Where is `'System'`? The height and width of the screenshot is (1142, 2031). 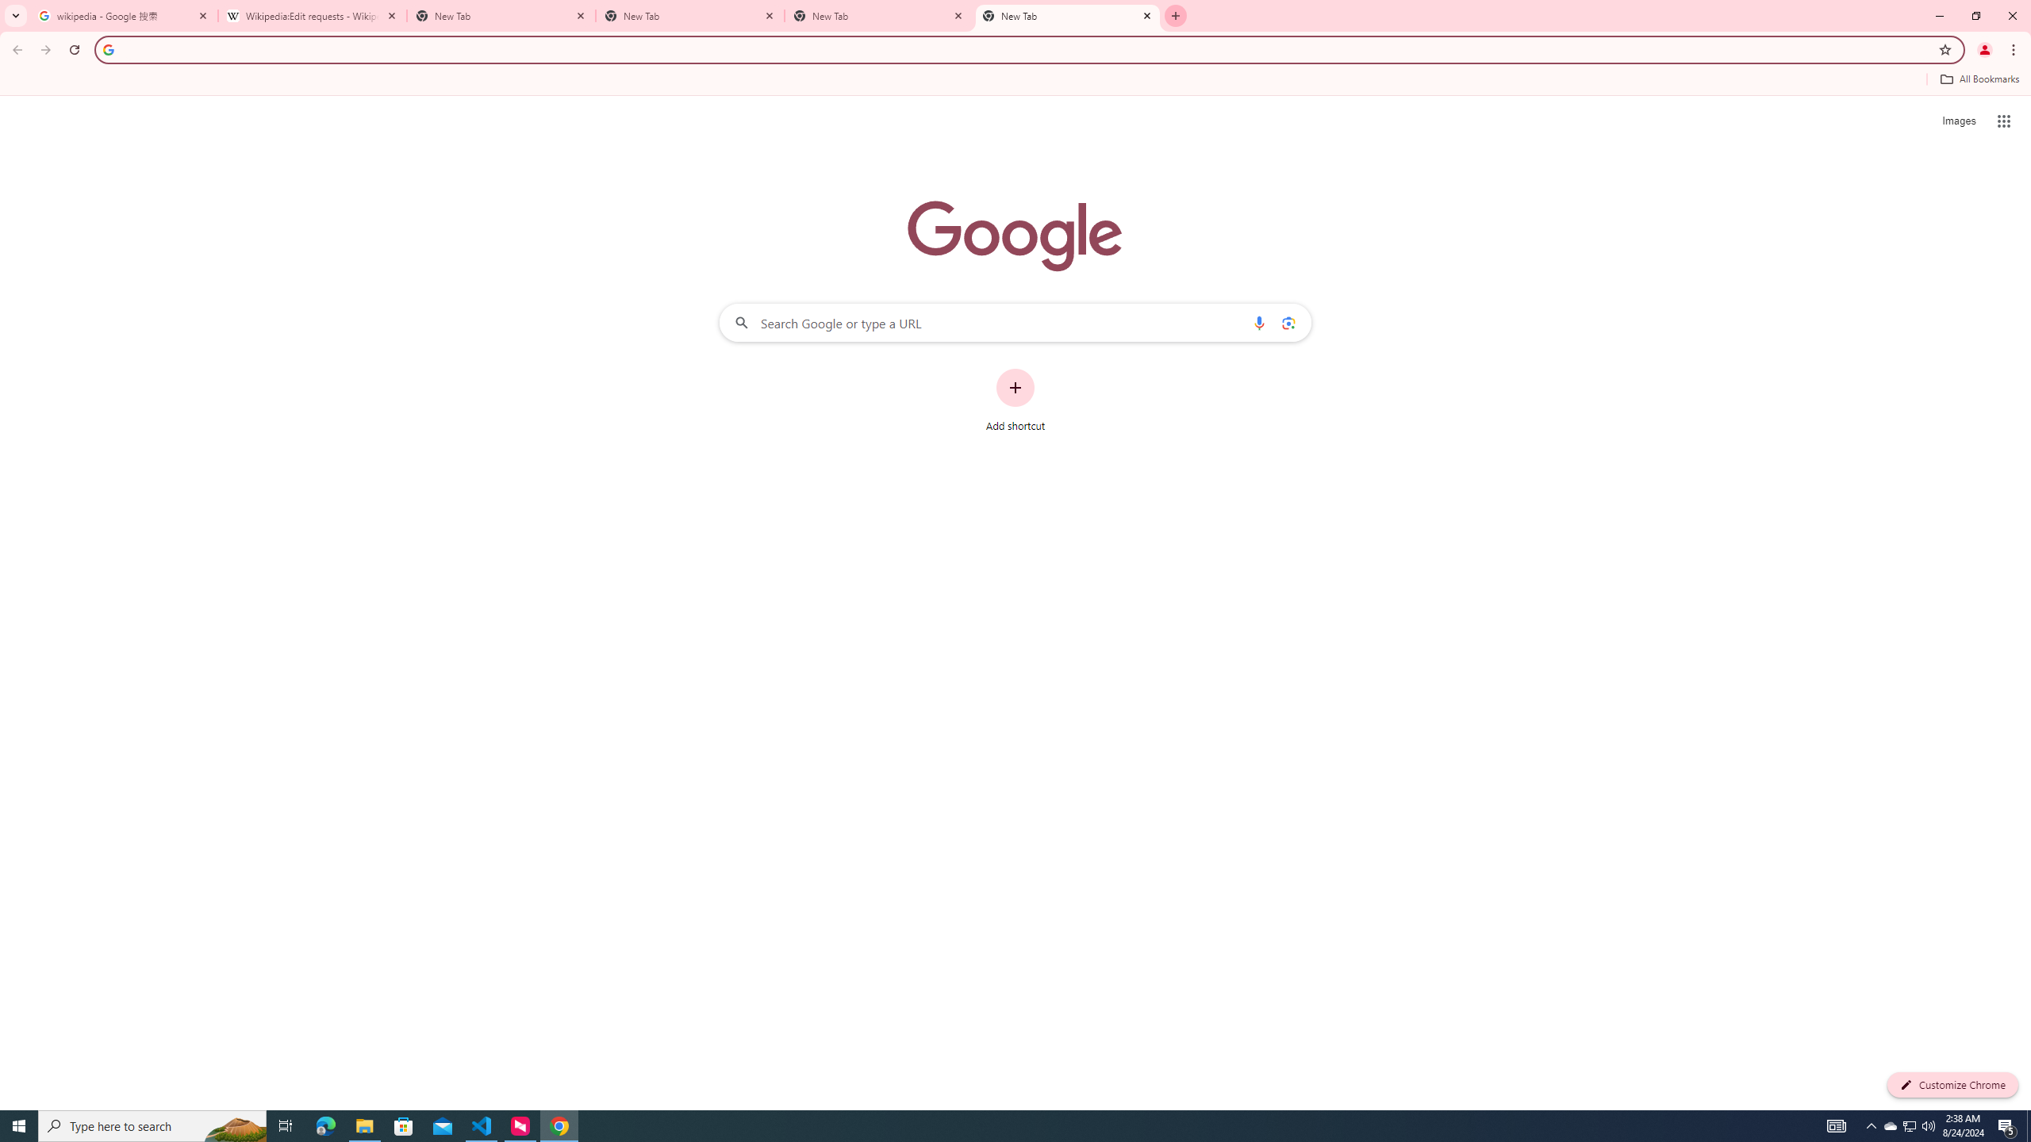 'System' is located at coordinates (9, 7).